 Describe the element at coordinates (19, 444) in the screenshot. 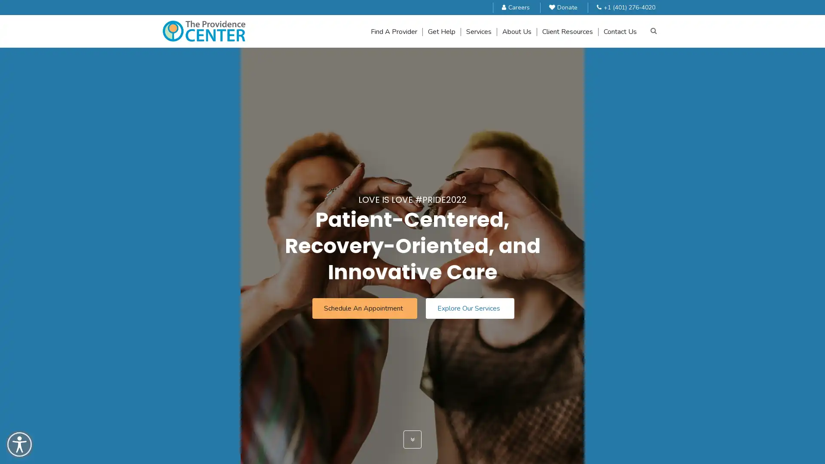

I see `Accessibility Menu` at that location.